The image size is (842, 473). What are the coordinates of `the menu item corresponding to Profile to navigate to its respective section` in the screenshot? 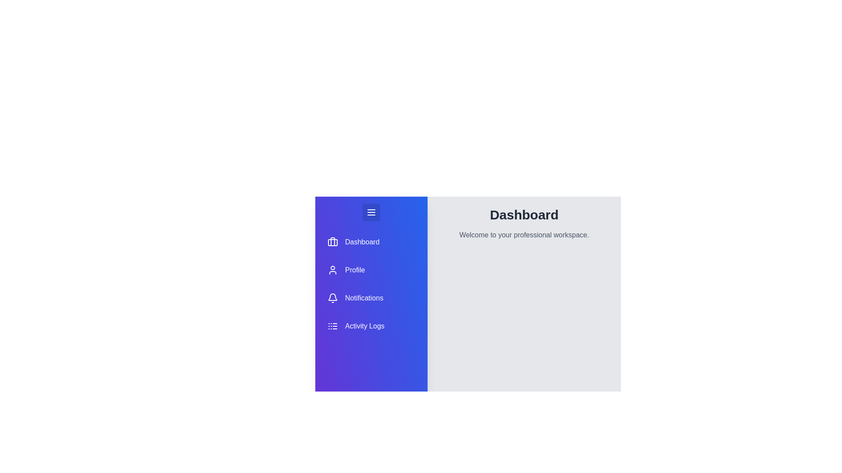 It's located at (371, 270).